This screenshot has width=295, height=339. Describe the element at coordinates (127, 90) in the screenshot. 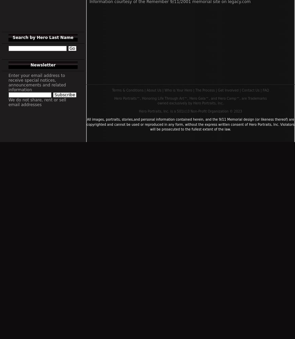

I see `'Terms & Conditions'` at that location.